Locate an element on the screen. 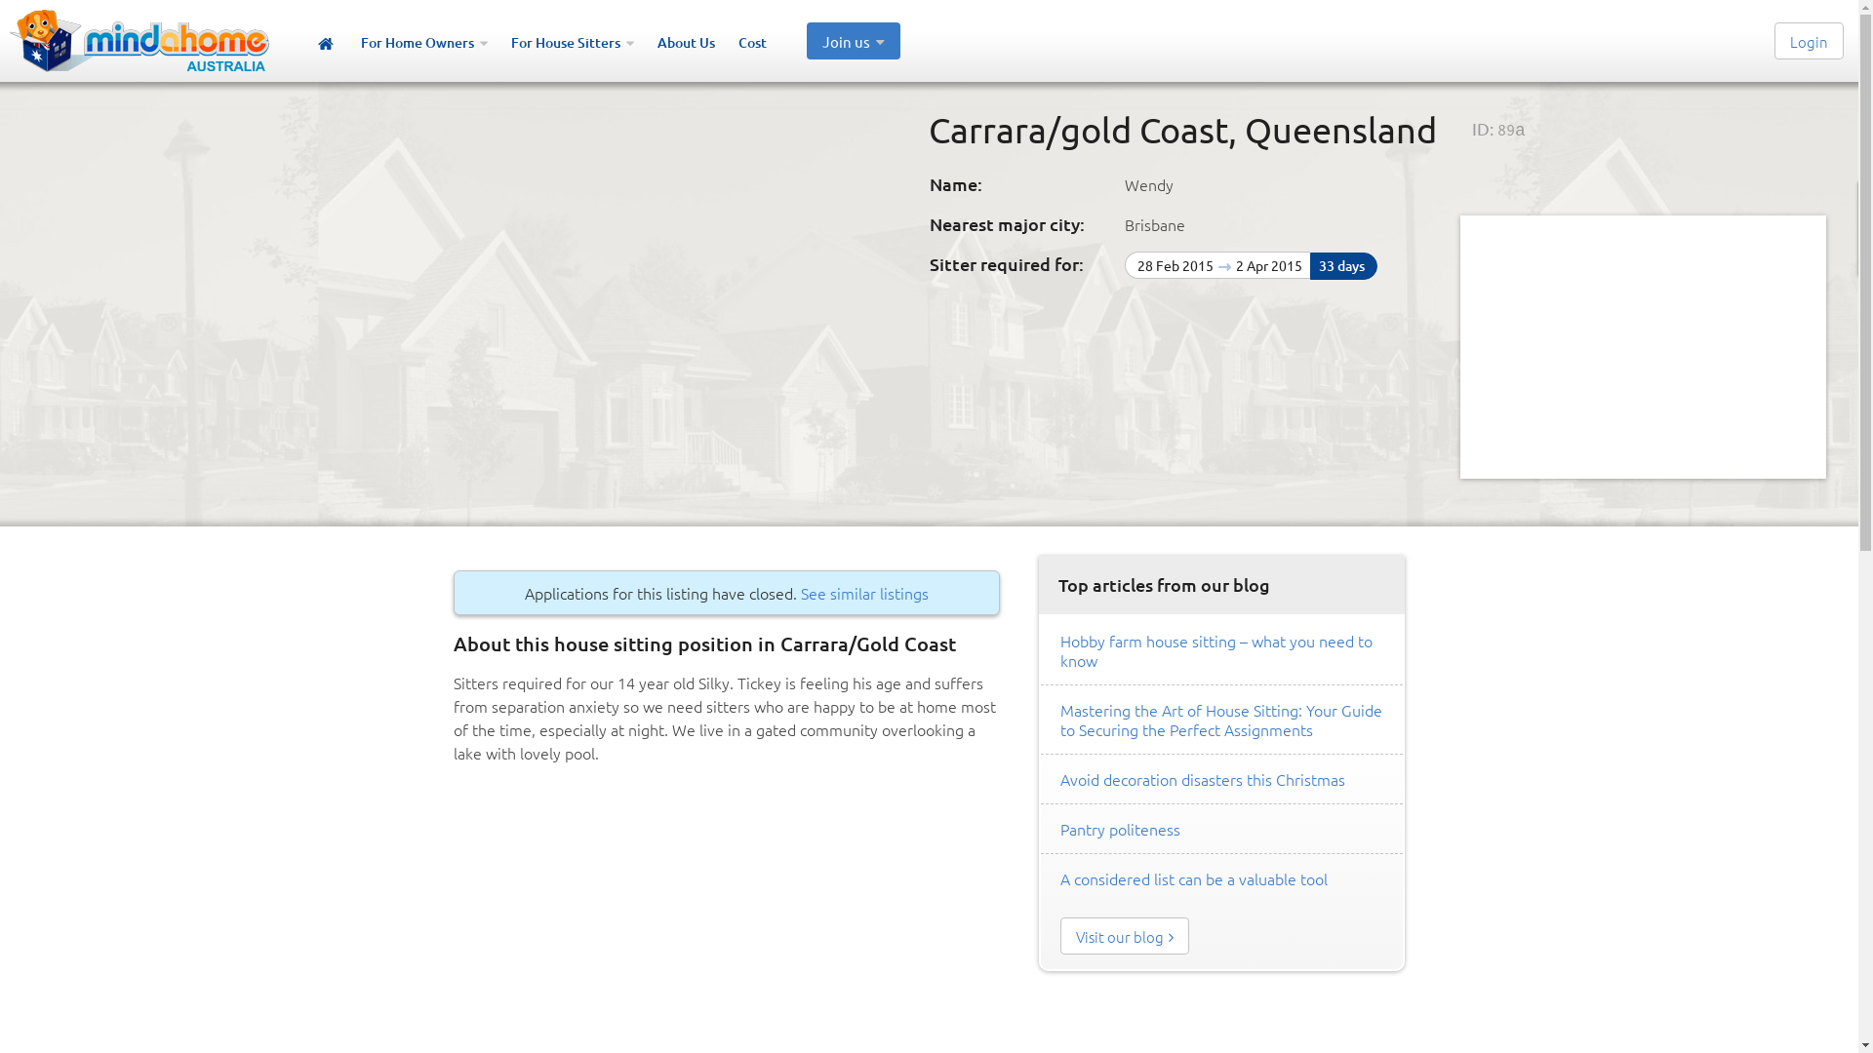 This screenshot has width=1873, height=1053. 'For Home Owners' is located at coordinates (423, 44).